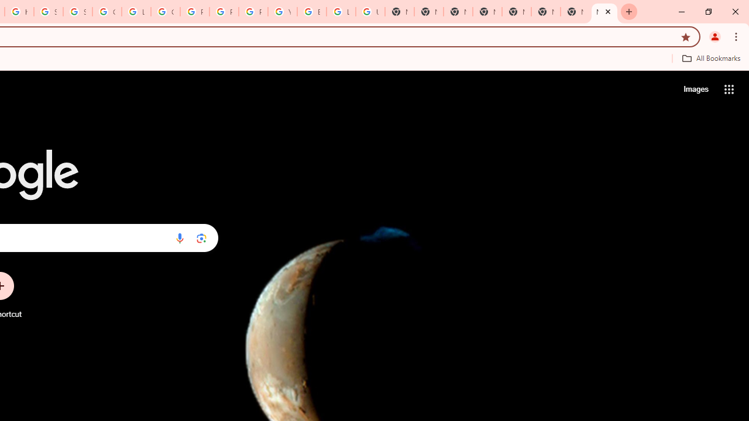 This screenshot has height=421, width=749. Describe the element at coordinates (224, 12) in the screenshot. I see `'Privacy Help Center - Policies Help'` at that location.